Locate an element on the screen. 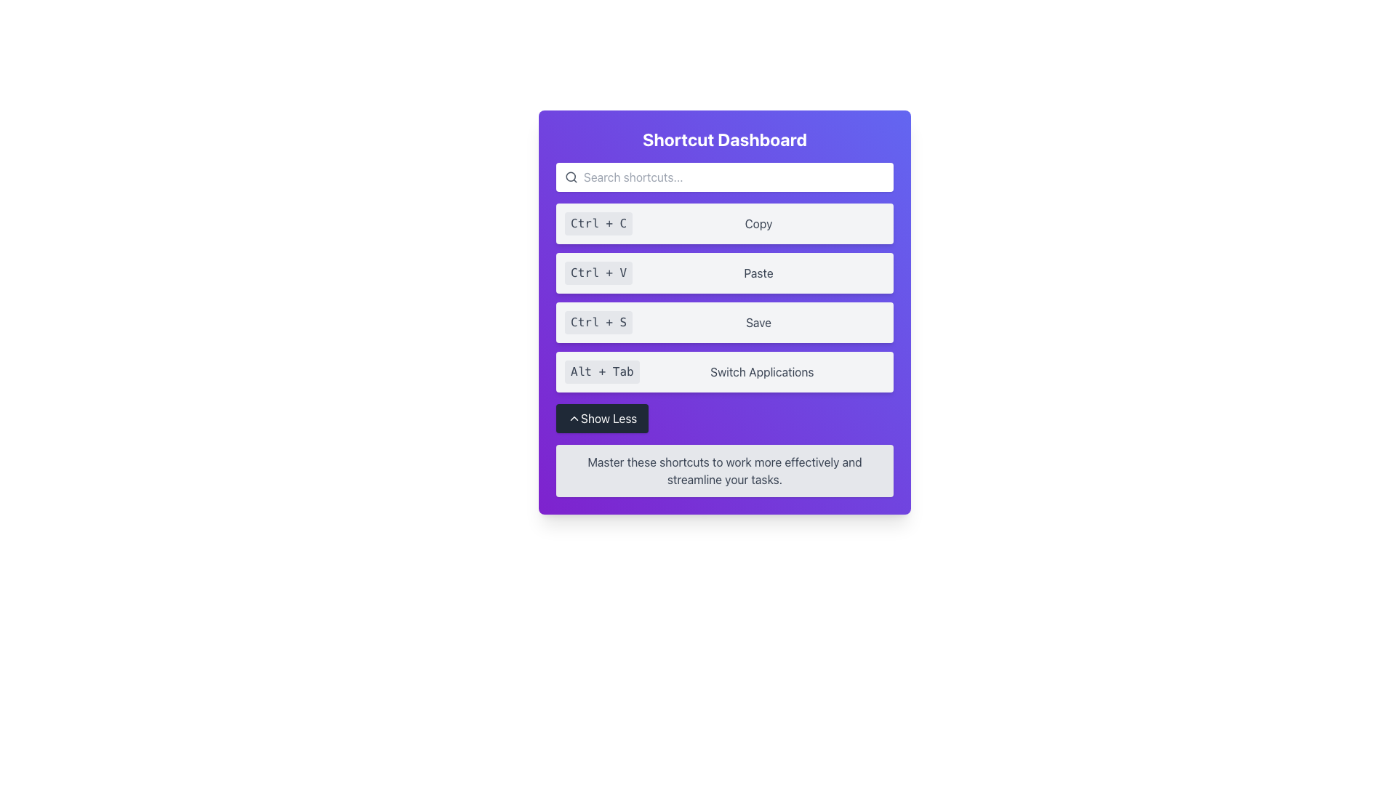 Image resolution: width=1396 pixels, height=785 pixels. the label displaying the keyboard shortcut 'Ctrl + V' for the 'Paste' operation, located on the left side of the Shortcut Dashboard is located at coordinates (598, 273).